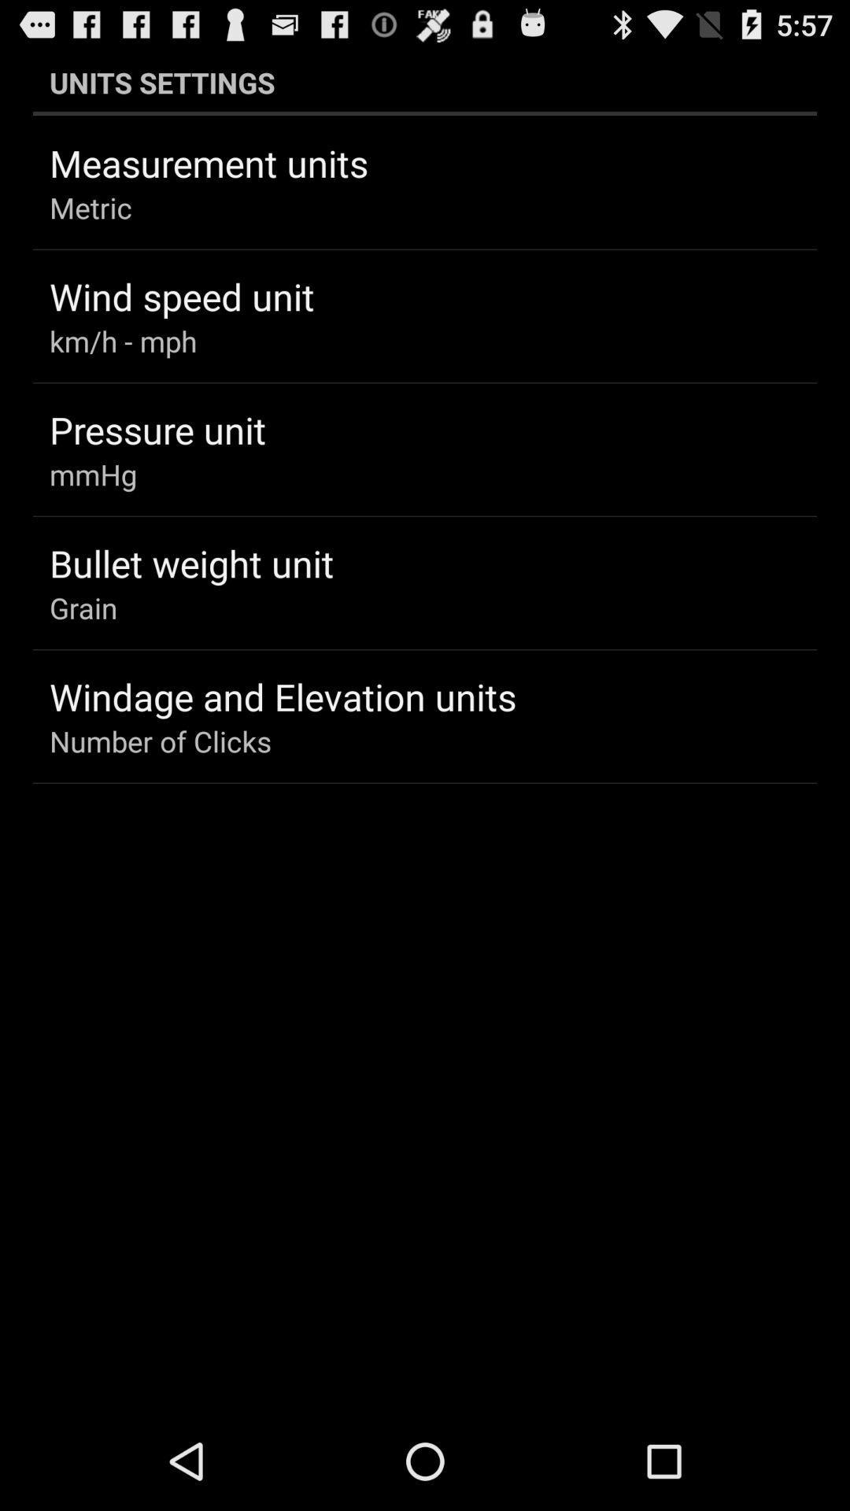 This screenshot has width=850, height=1511. I want to click on the icon below the measurement units icon, so click(91, 207).